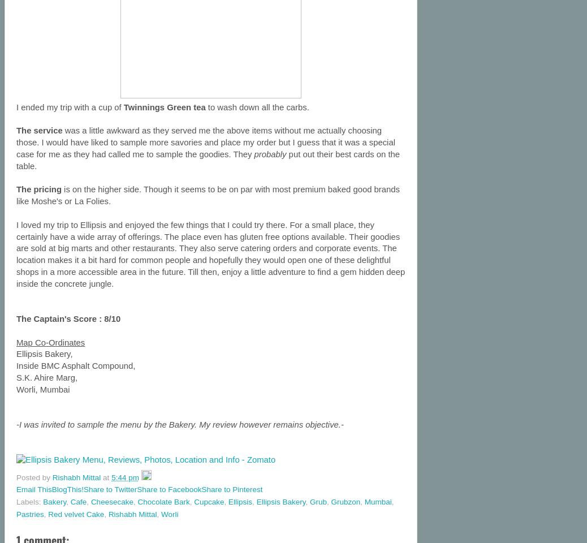 This screenshot has width=587, height=543. What do you see at coordinates (48, 514) in the screenshot?
I see `'Red velvet Cake'` at bounding box center [48, 514].